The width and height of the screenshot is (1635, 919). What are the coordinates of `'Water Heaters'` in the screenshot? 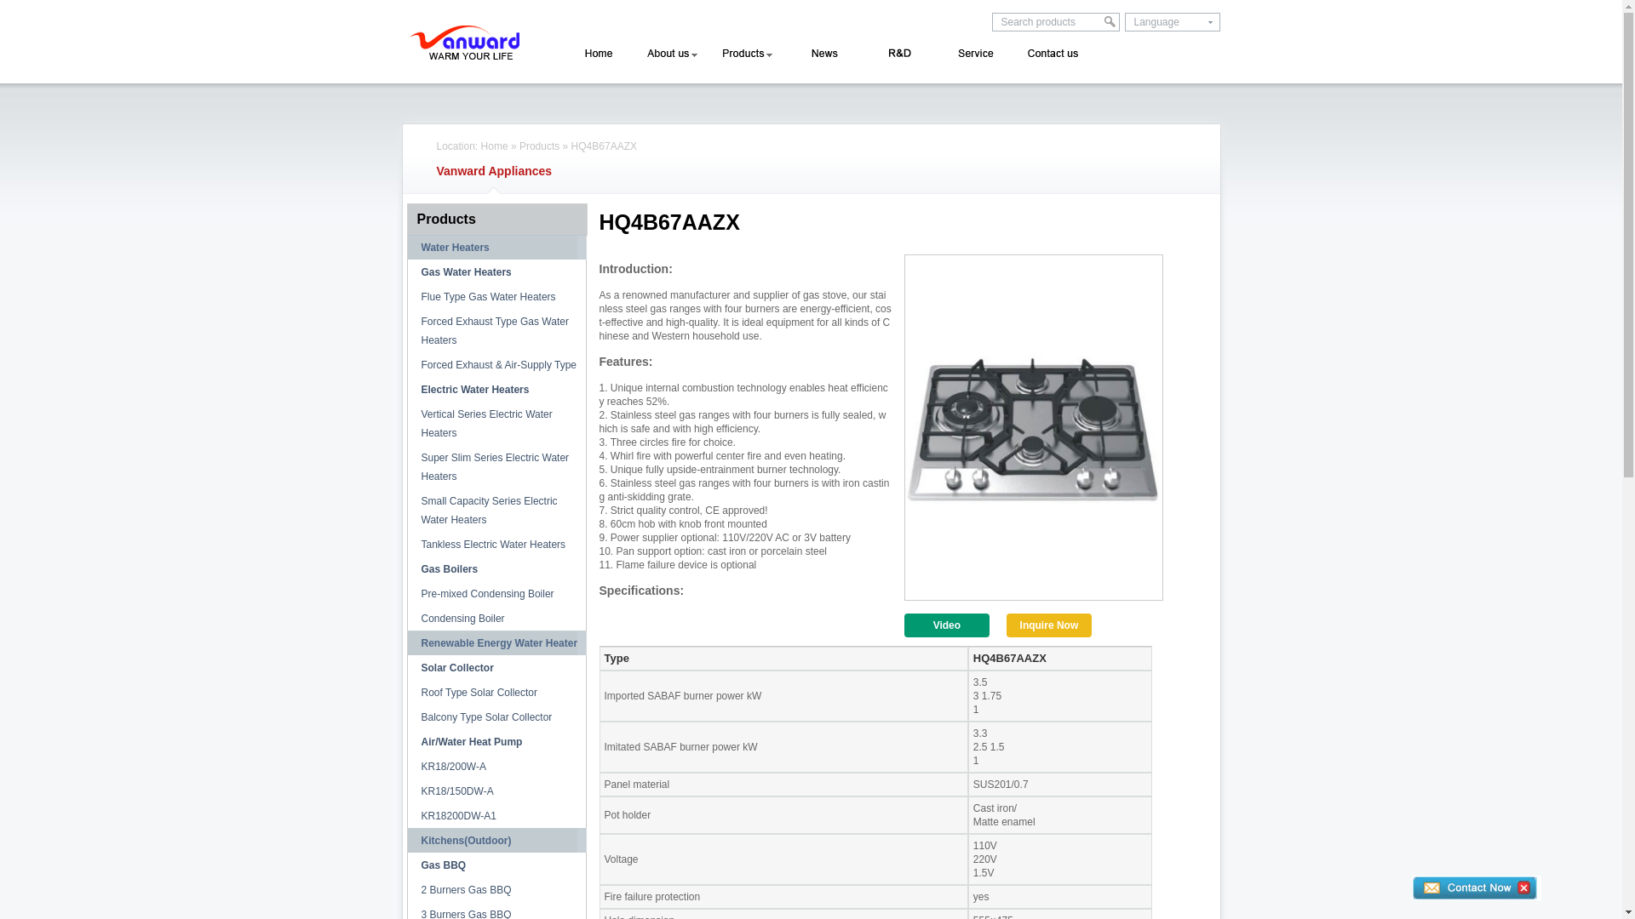 It's located at (406, 247).